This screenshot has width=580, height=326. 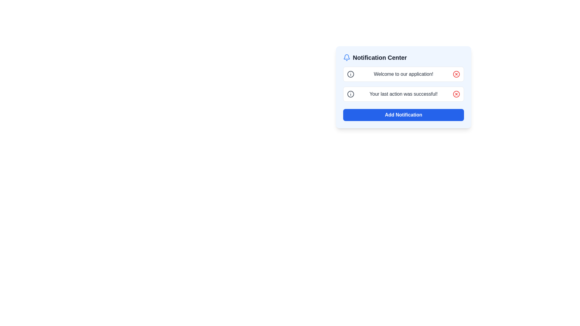 I want to click on the Notification message box that contains the message 'Welcome to our application!', so click(x=403, y=74).